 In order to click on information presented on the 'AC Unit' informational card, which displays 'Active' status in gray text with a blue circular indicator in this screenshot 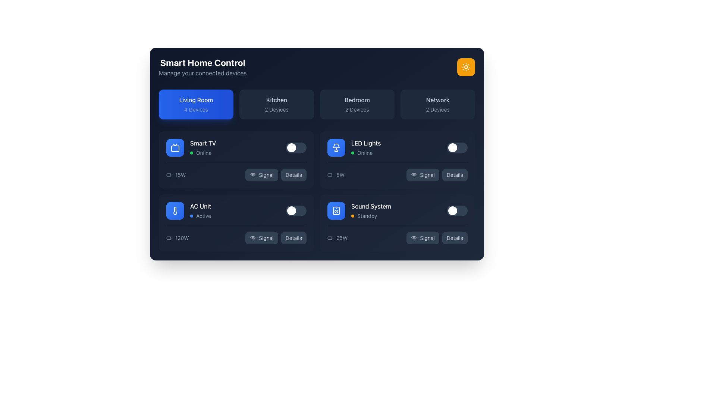, I will do `click(189, 210)`.